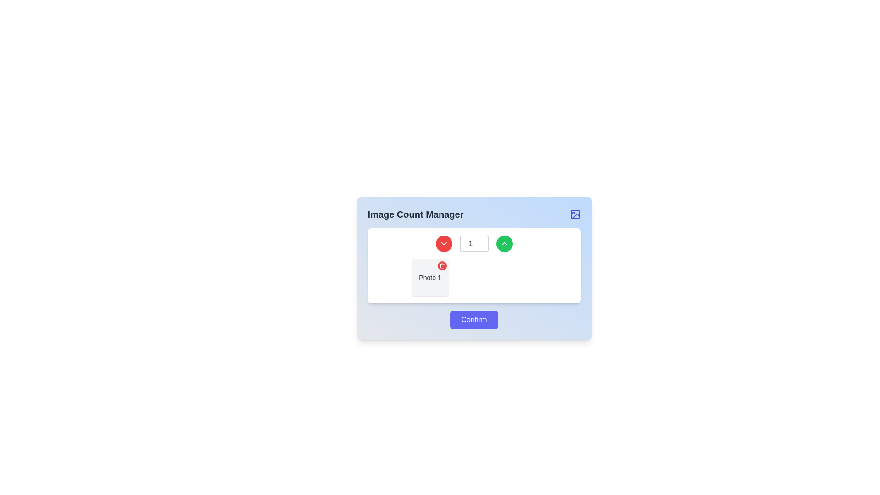 This screenshot has width=880, height=495. I want to click on the delete button located in the top-right corner of the photo thumbnail card to change its color, so click(442, 265).